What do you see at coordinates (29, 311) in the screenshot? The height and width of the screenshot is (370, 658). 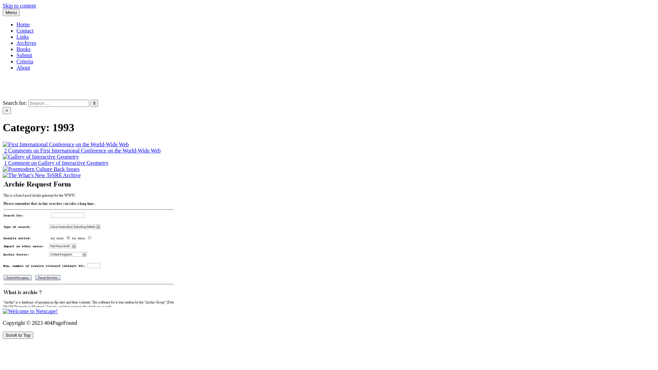 I see `'Welcome to Netscape!'` at bounding box center [29, 311].